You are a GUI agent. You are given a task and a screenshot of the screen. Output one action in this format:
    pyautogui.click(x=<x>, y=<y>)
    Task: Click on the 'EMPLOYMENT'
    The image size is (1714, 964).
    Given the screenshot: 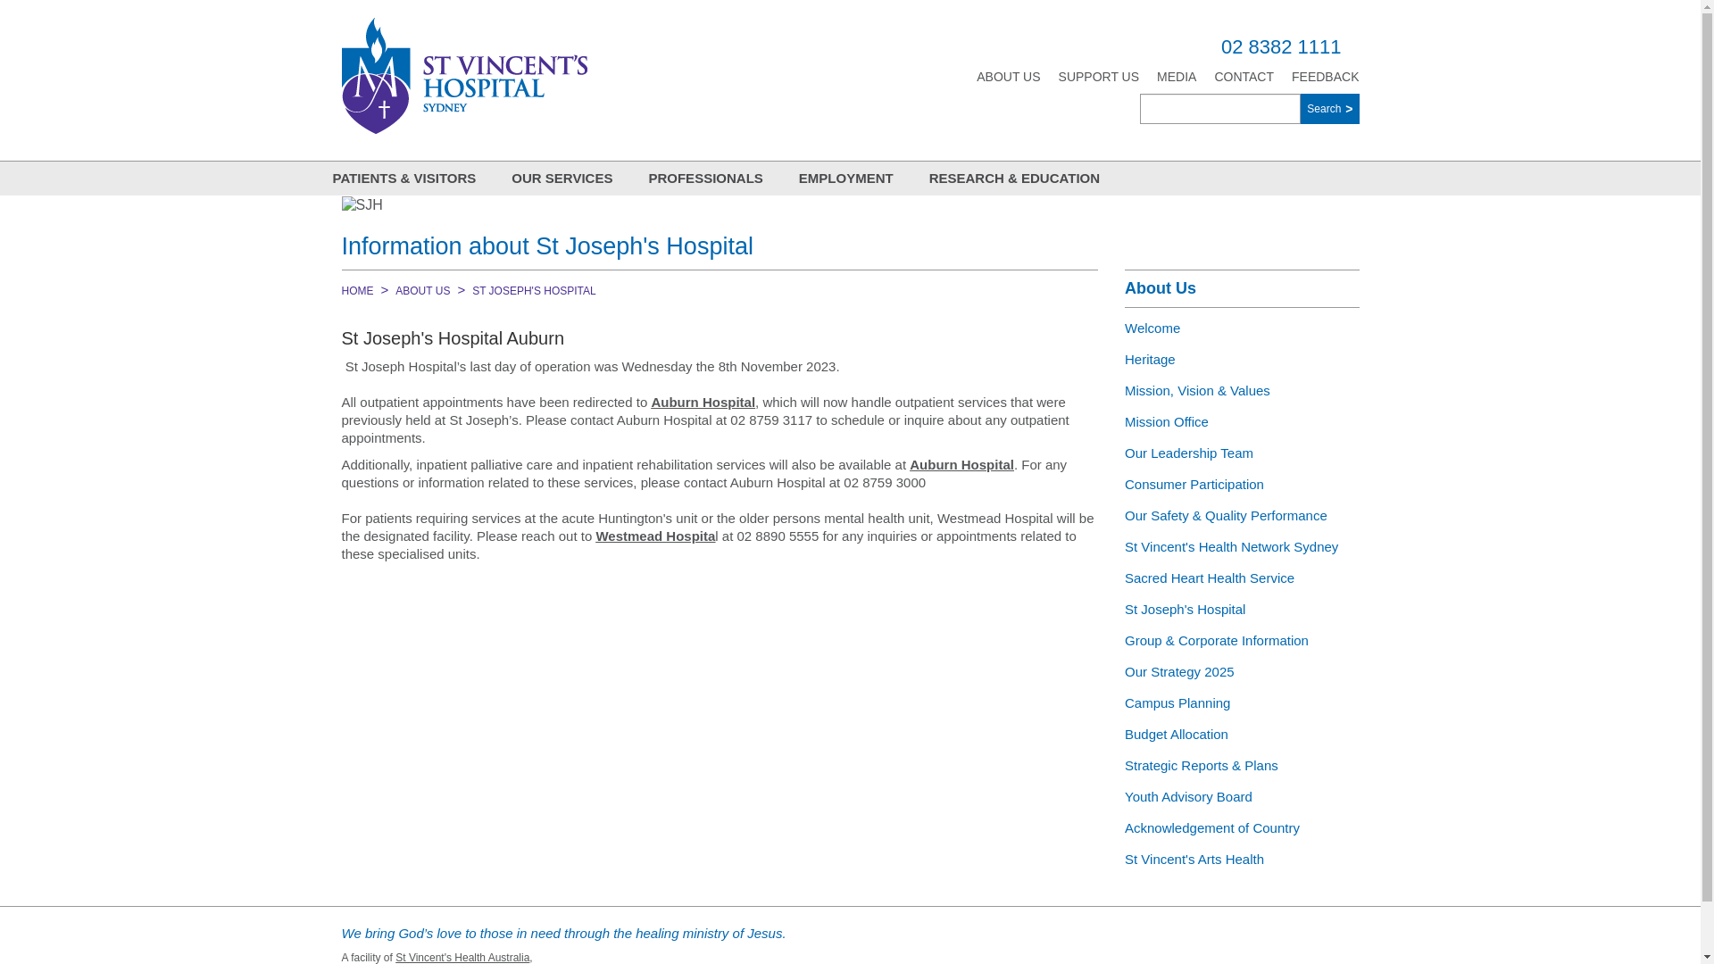 What is the action you would take?
    pyautogui.click(x=845, y=179)
    